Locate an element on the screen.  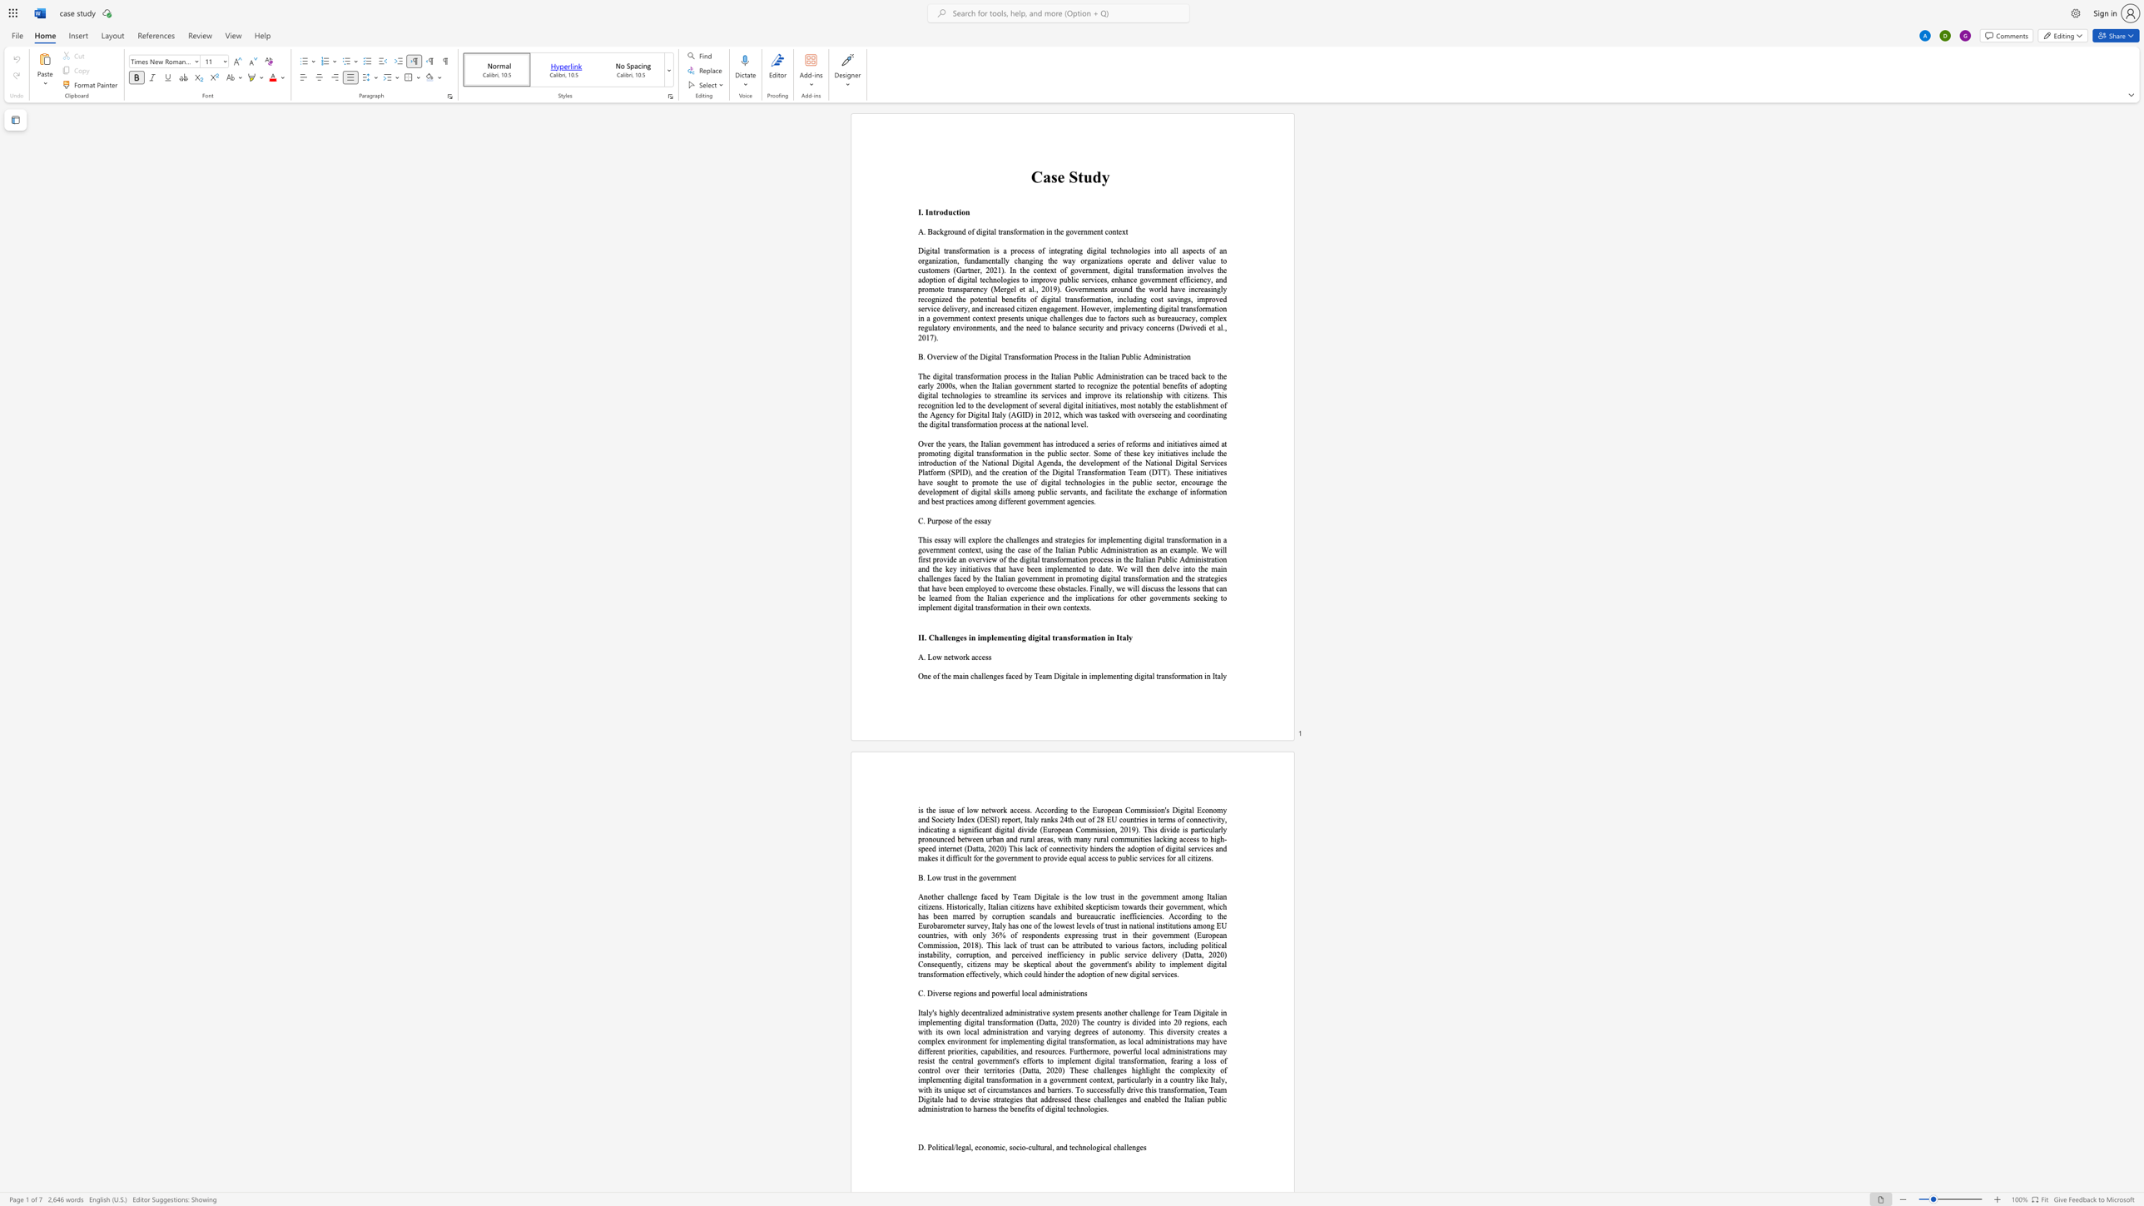
the 2th character "c" in the text is located at coordinates (979, 656).